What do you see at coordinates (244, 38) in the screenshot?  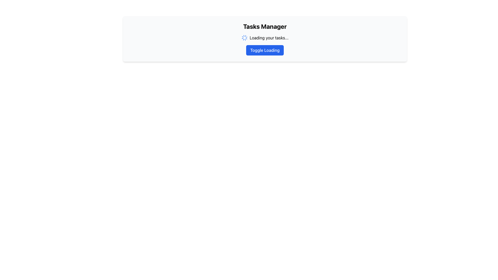 I see `the circular blue loader icon that is spinning, located to the left of the text 'Loading your tasks...'` at bounding box center [244, 38].